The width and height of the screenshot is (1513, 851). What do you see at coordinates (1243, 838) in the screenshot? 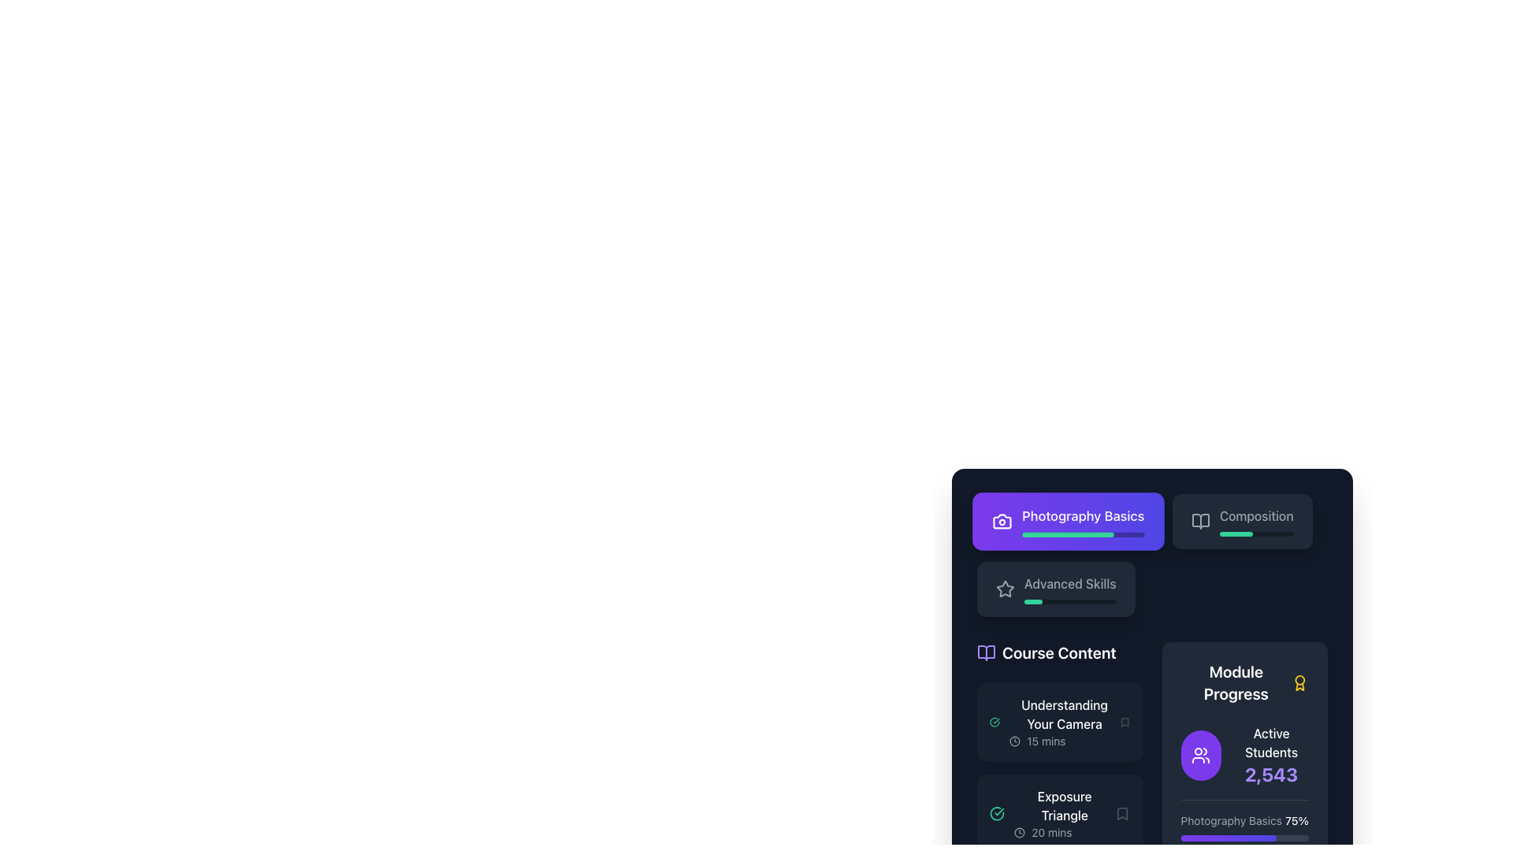
I see `Progress bar element located in the 'Module Progress' section, which is styled with a gray background and a gradient foreground indicating 75% completion, positioned below 'Photography Basics 75%'` at bounding box center [1243, 838].